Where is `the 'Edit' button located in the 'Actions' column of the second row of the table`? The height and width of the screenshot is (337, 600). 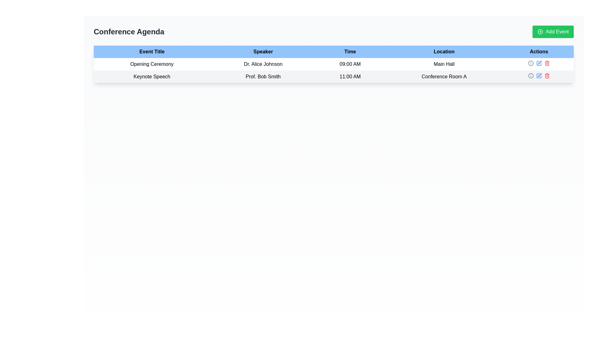 the 'Edit' button located in the 'Actions' column of the second row of the table is located at coordinates (538, 76).